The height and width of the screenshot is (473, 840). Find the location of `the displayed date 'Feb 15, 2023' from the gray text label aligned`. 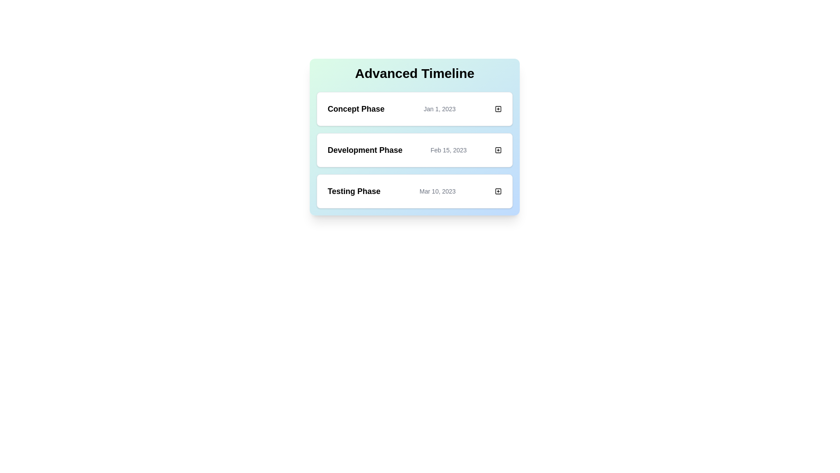

the displayed date 'Feb 15, 2023' from the gray text label aligned is located at coordinates (448, 150).